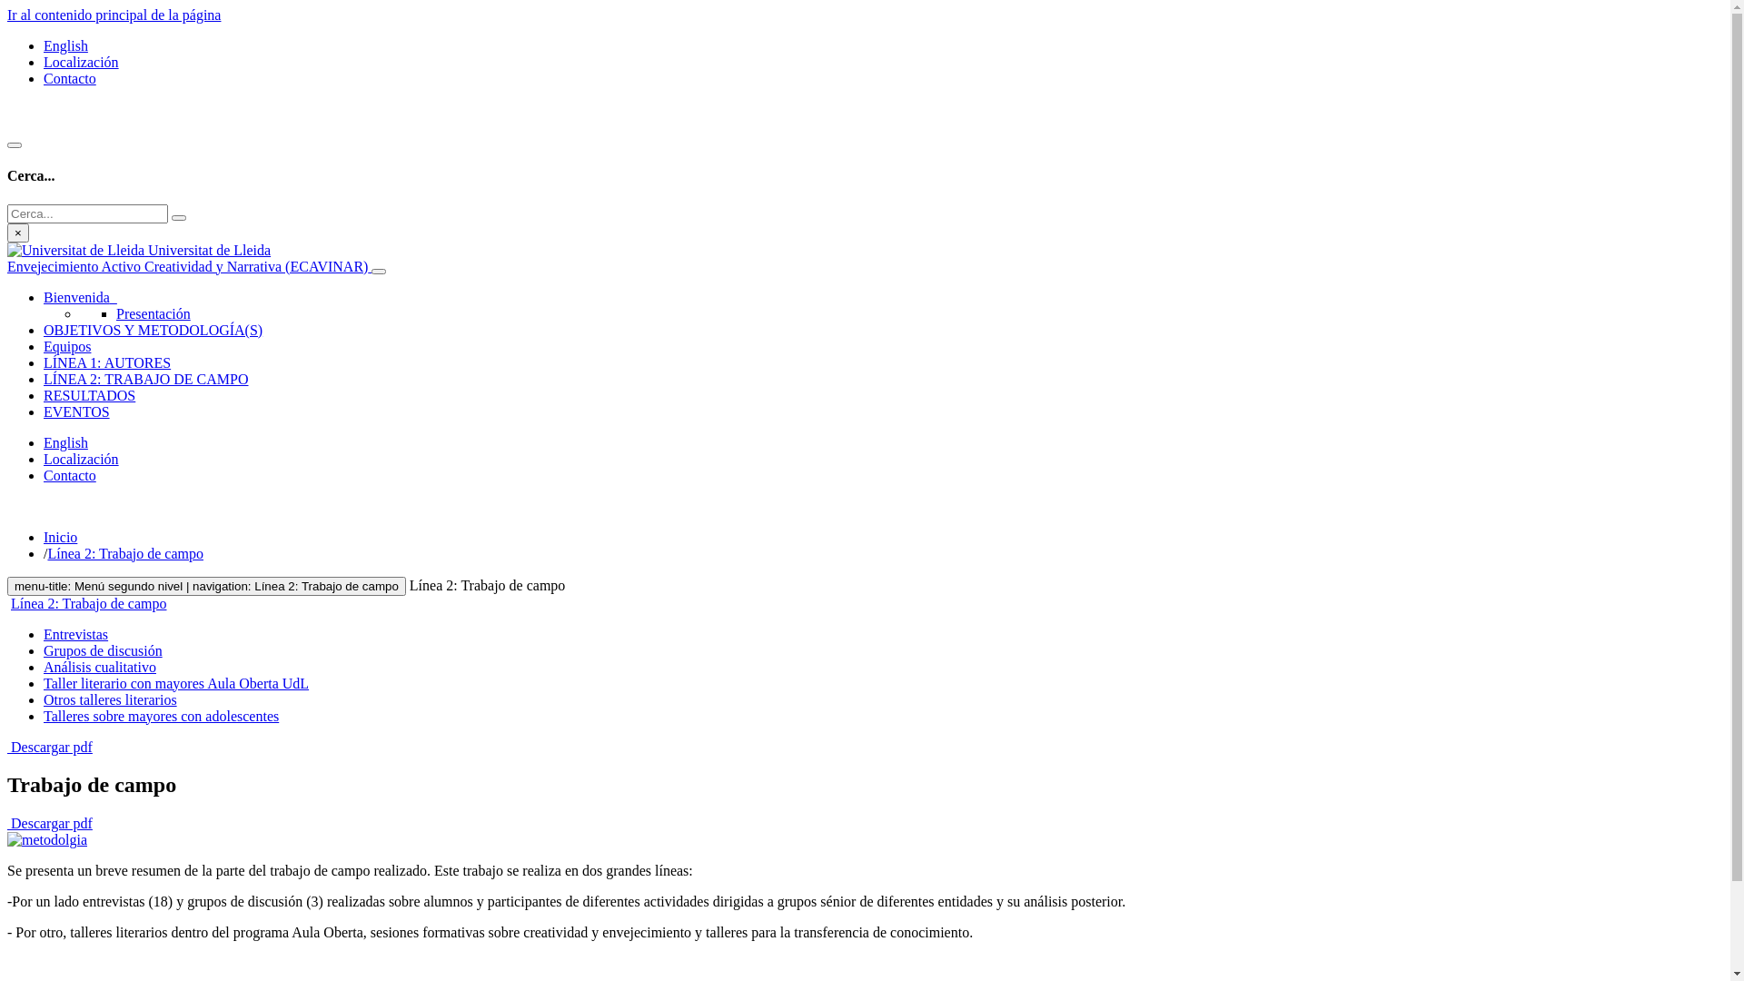 This screenshot has height=981, width=1744. Describe the element at coordinates (171, 216) in the screenshot. I see `'Search'` at that location.